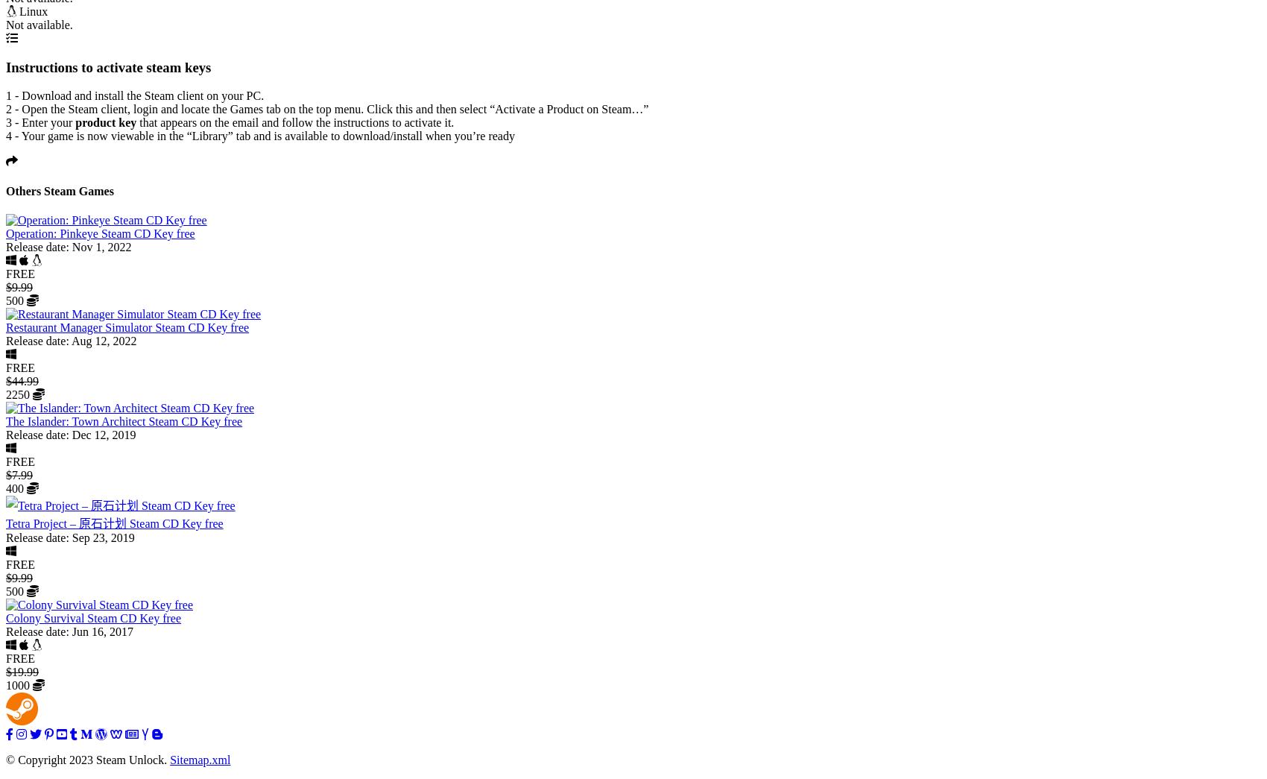  Describe the element at coordinates (99, 433) in the screenshot. I see `': Dec 12, 2019'` at that location.